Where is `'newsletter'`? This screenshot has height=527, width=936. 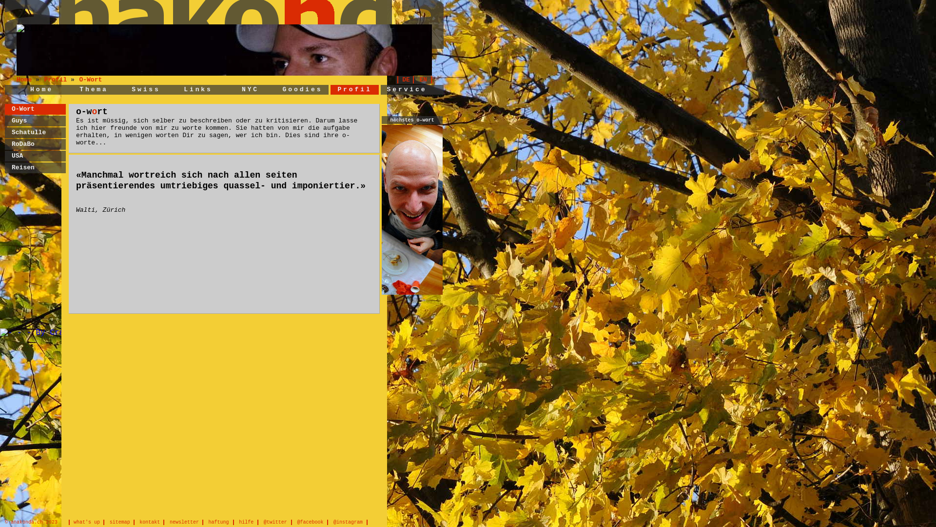 'newsletter' is located at coordinates (186, 522).